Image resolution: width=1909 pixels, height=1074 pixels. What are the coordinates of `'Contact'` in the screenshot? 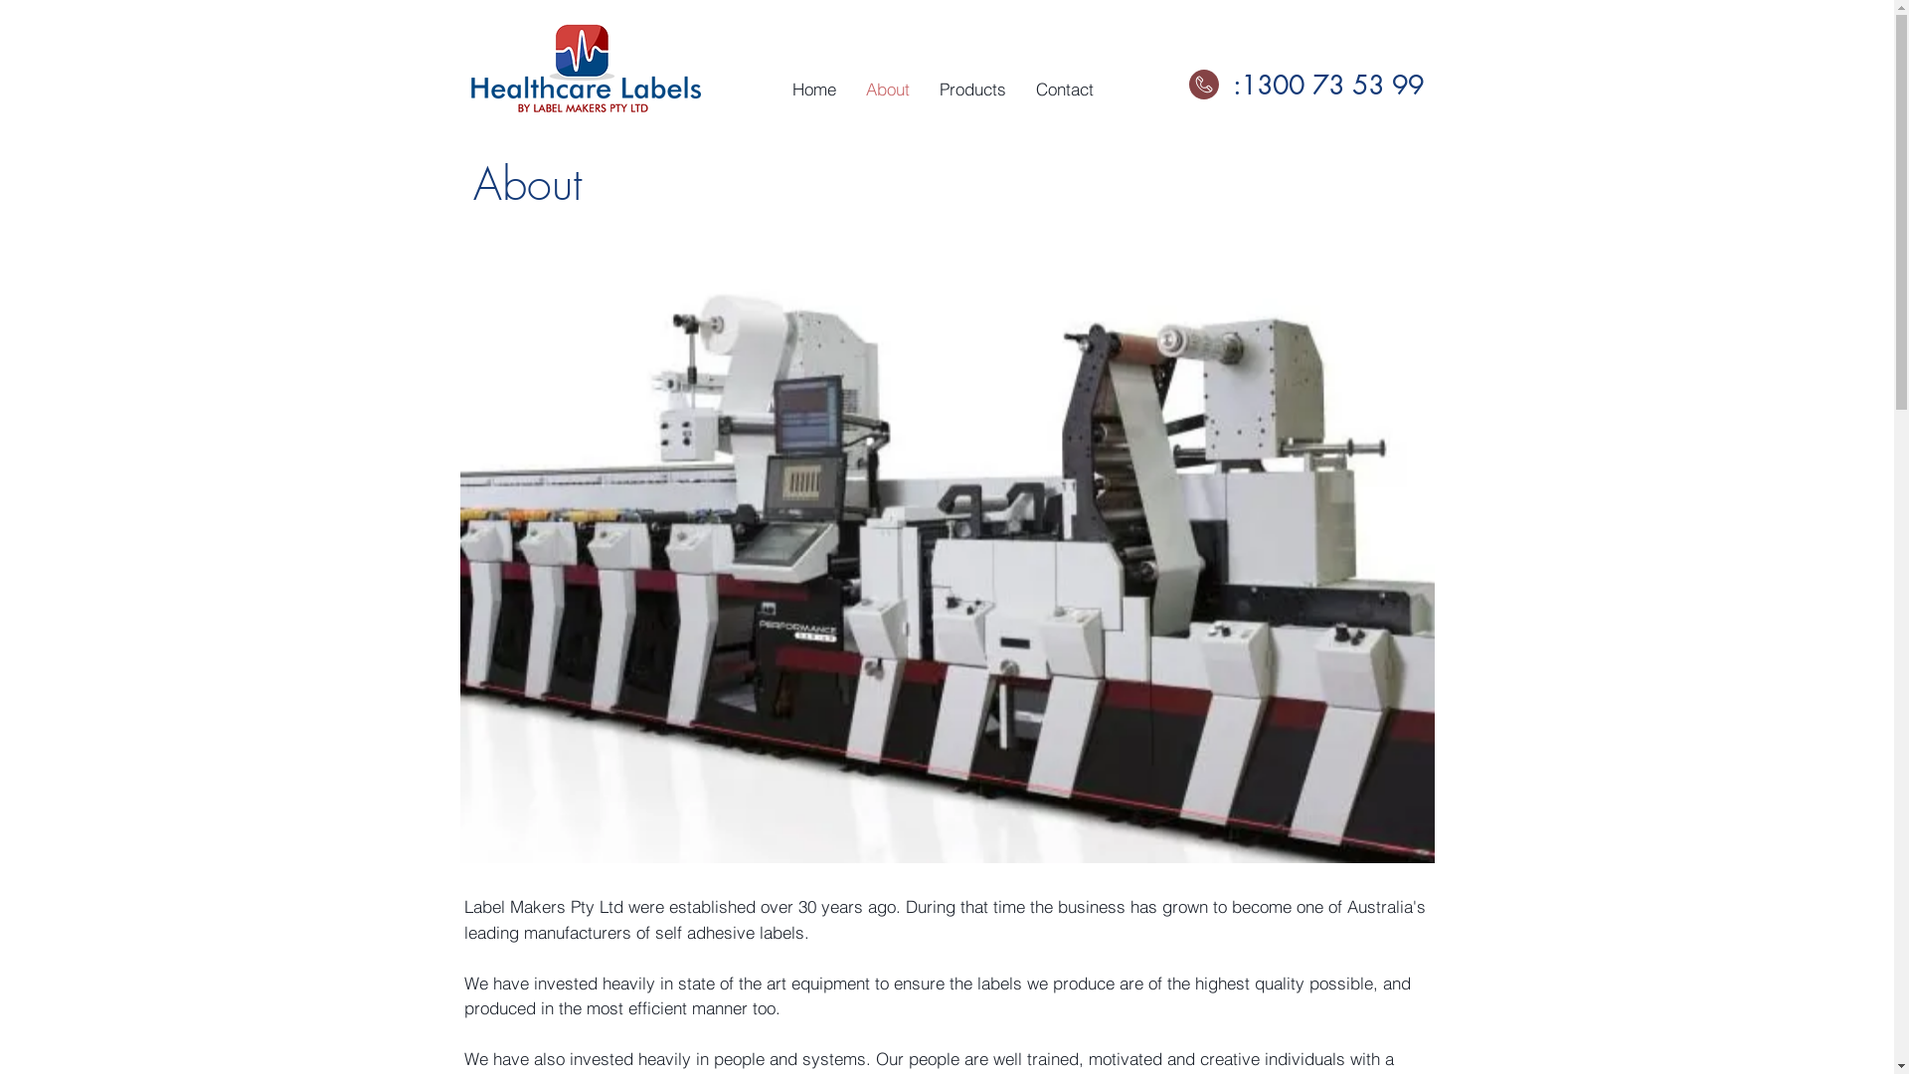 It's located at (1063, 88).